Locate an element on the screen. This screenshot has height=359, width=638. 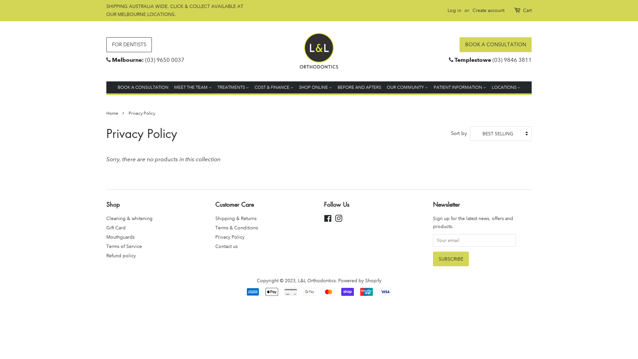
'MEET THE TEAM' is located at coordinates (192, 87).